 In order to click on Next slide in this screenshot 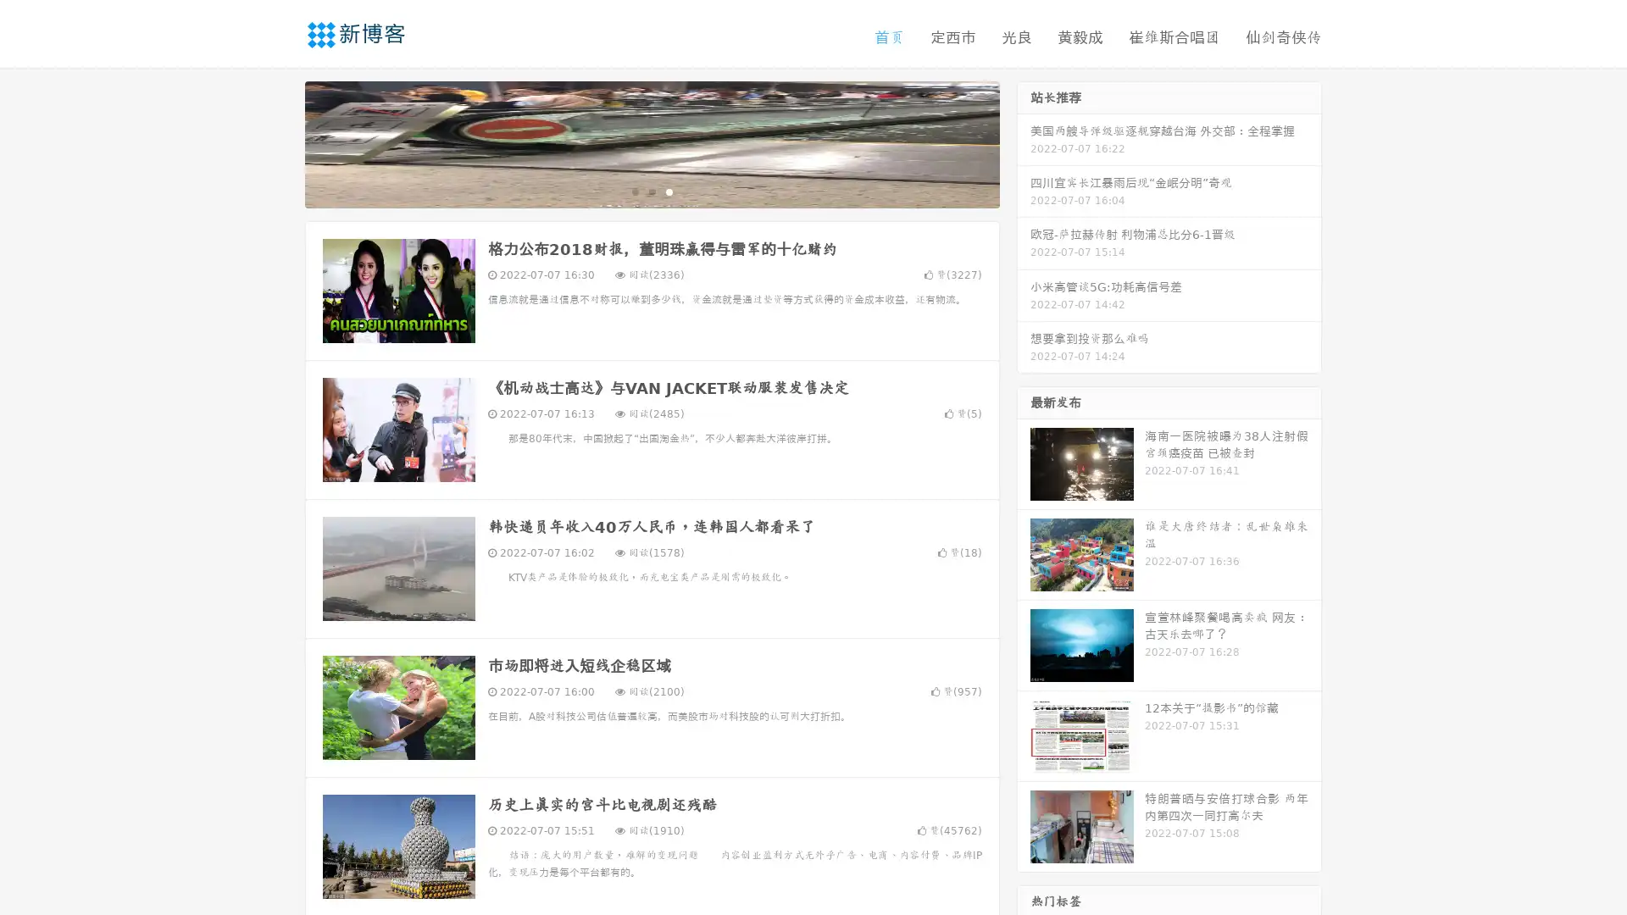, I will do `click(1024, 142)`.